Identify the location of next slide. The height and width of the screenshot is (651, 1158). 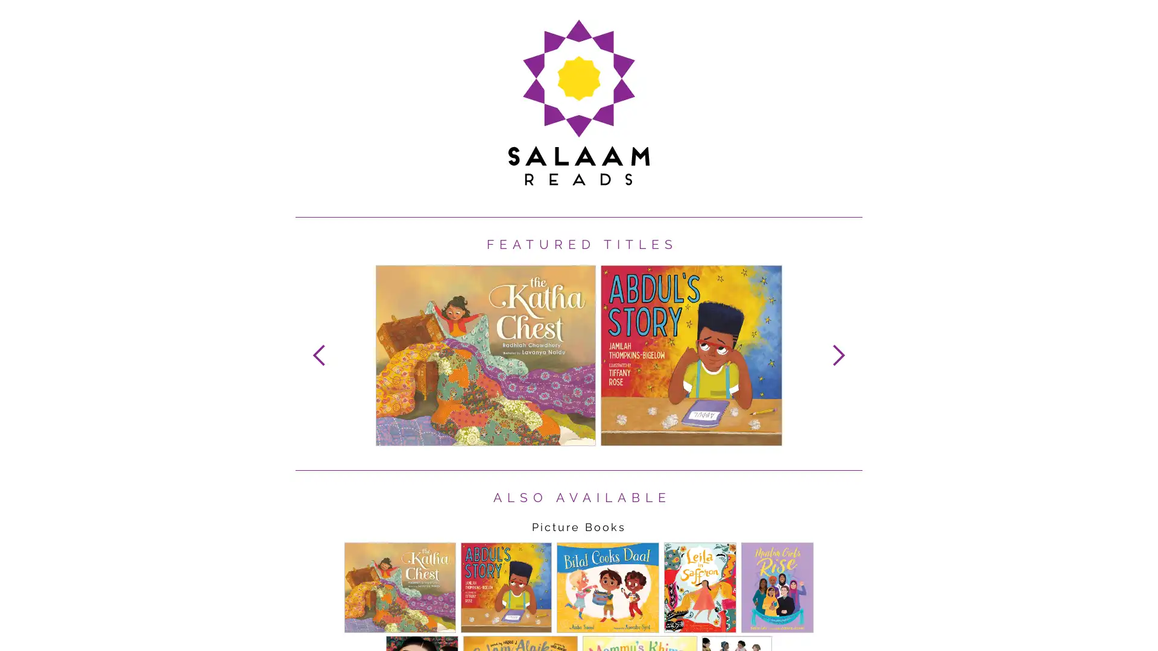
(838, 355).